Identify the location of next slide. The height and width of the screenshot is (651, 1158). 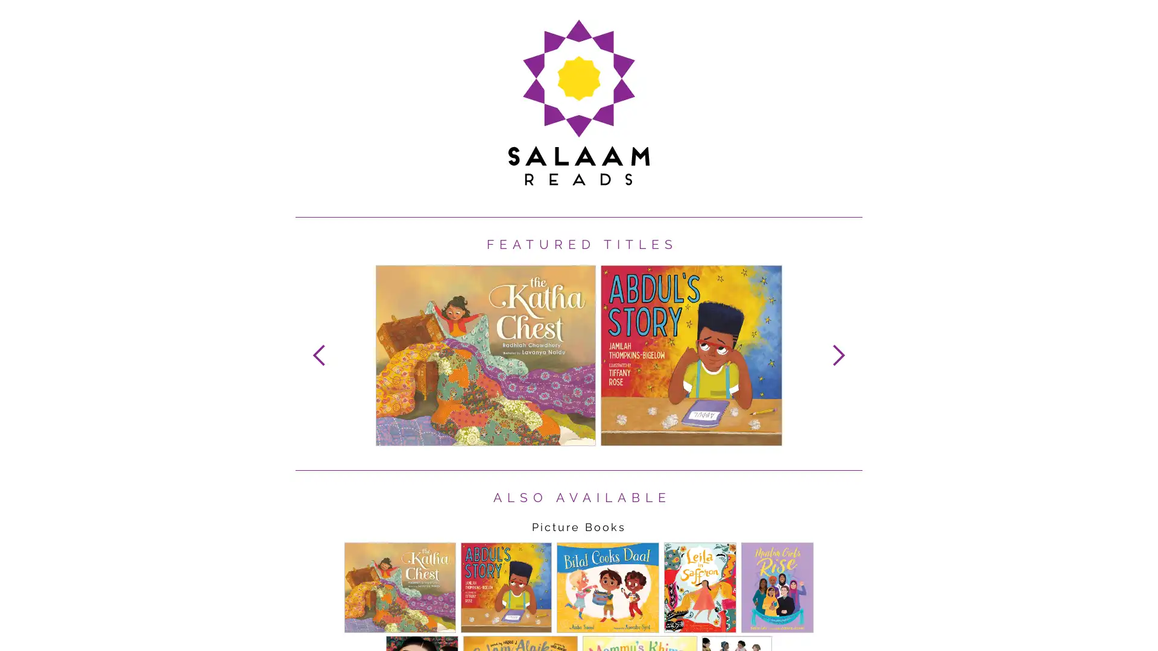
(838, 355).